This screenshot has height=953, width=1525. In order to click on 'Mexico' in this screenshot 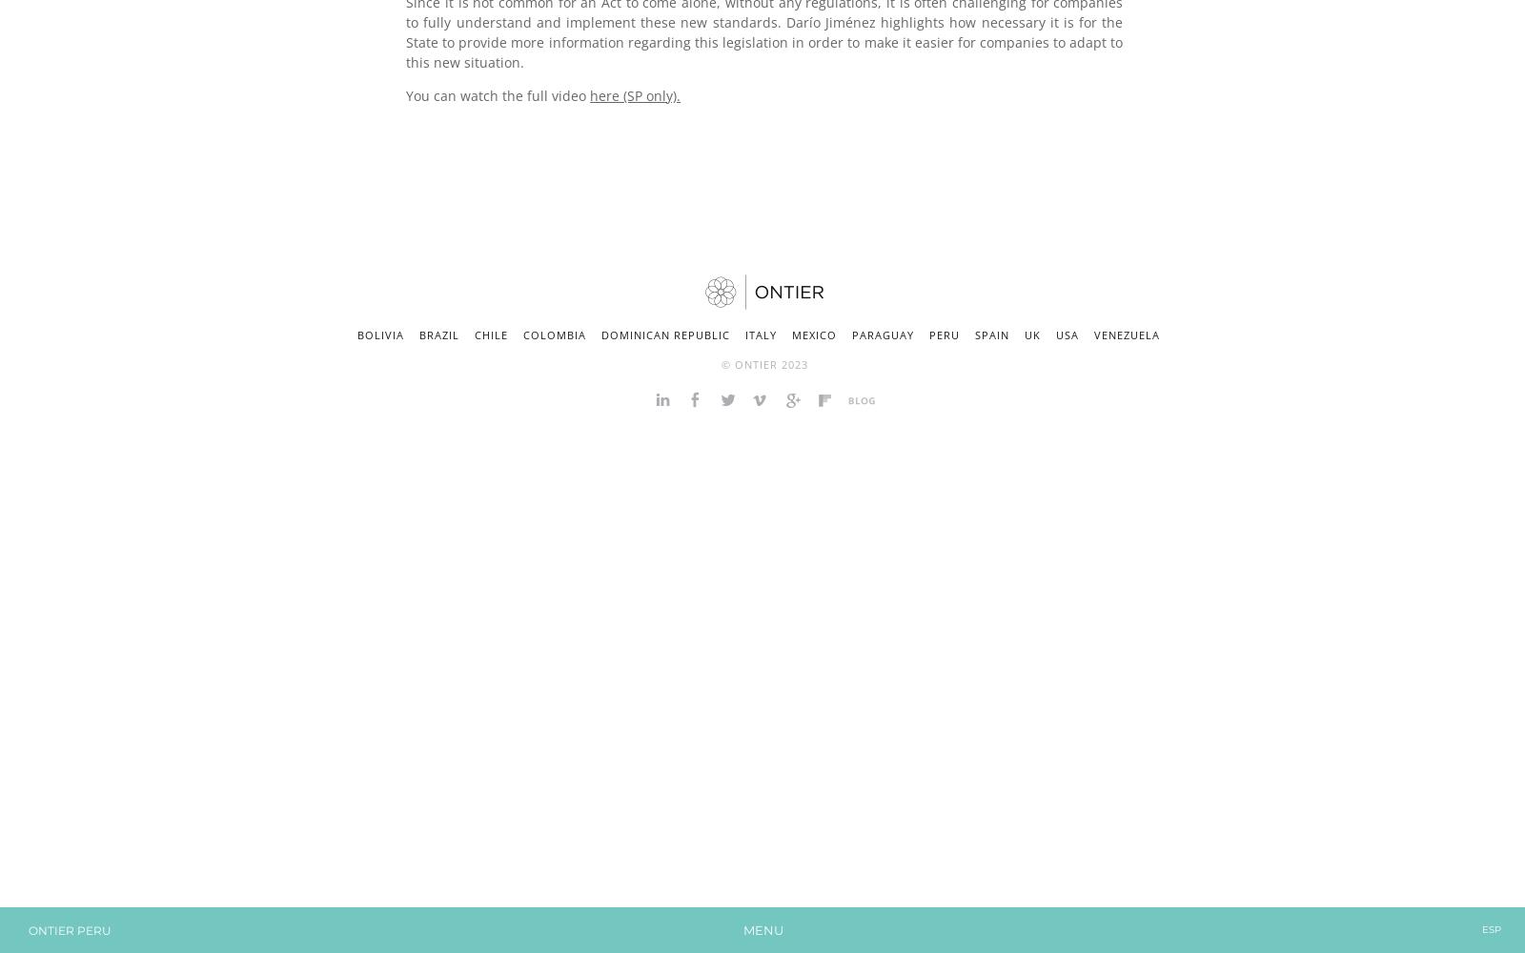, I will do `click(813, 334)`.